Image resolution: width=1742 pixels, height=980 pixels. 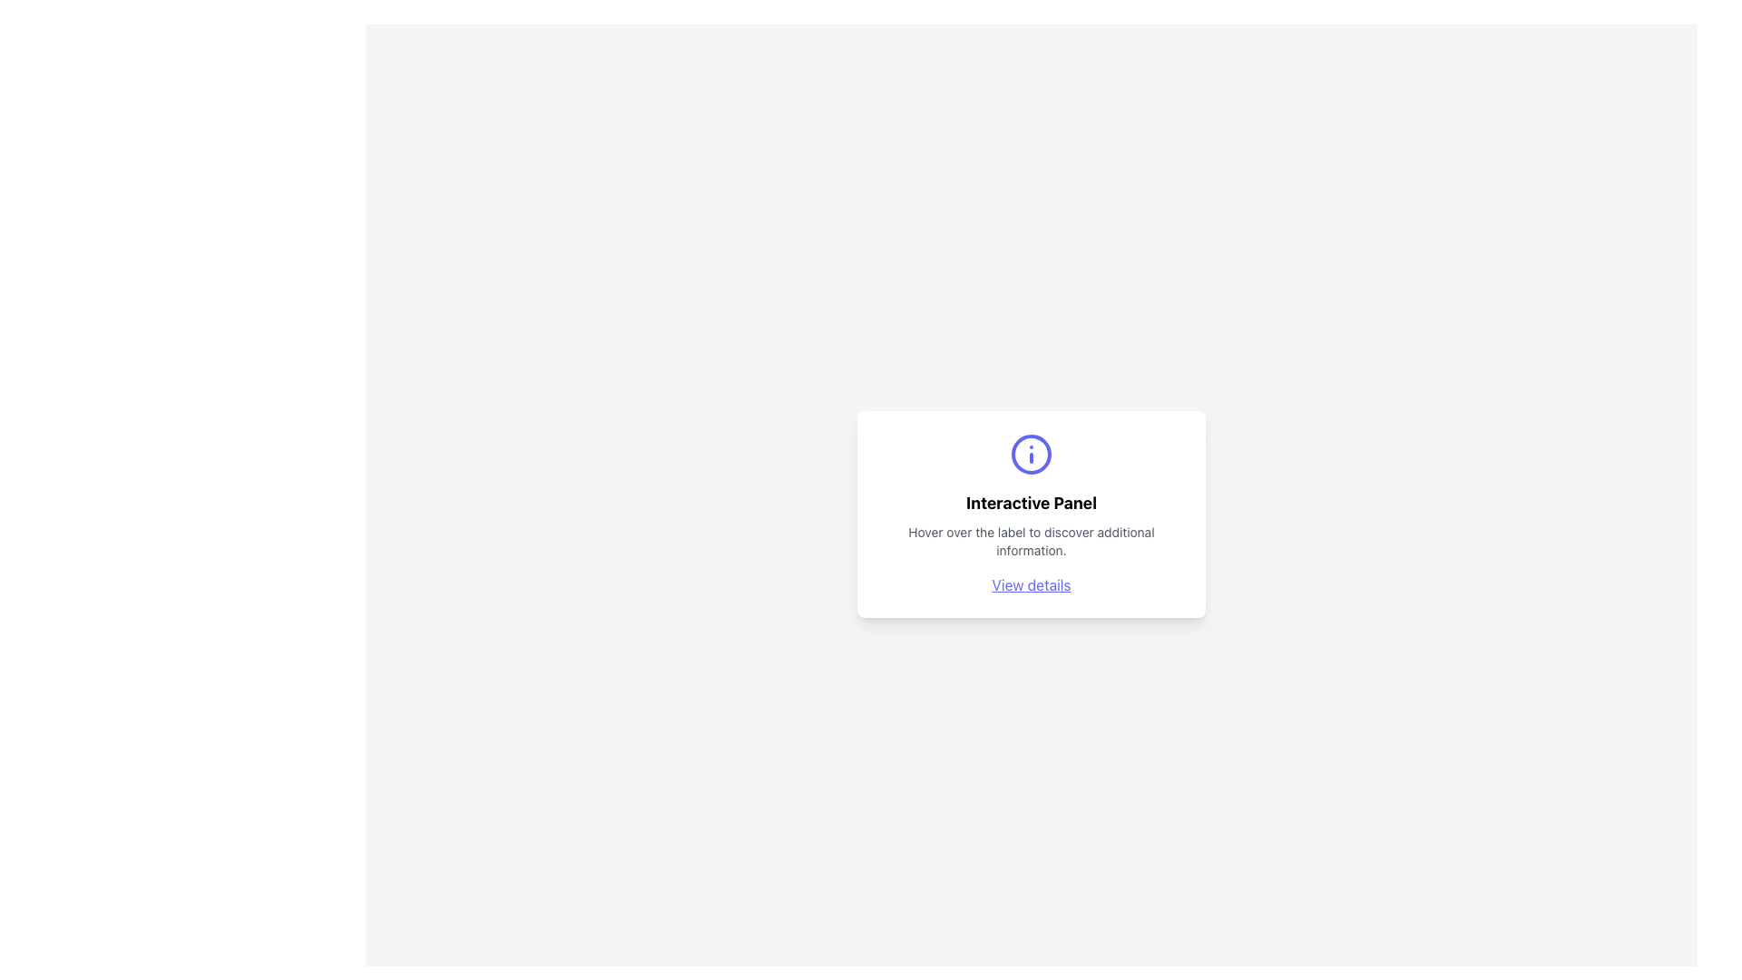 What do you see at coordinates (1032, 454) in the screenshot?
I see `the circular blue icon with an 'i' symbol in the center, which is located at the top of the content card` at bounding box center [1032, 454].